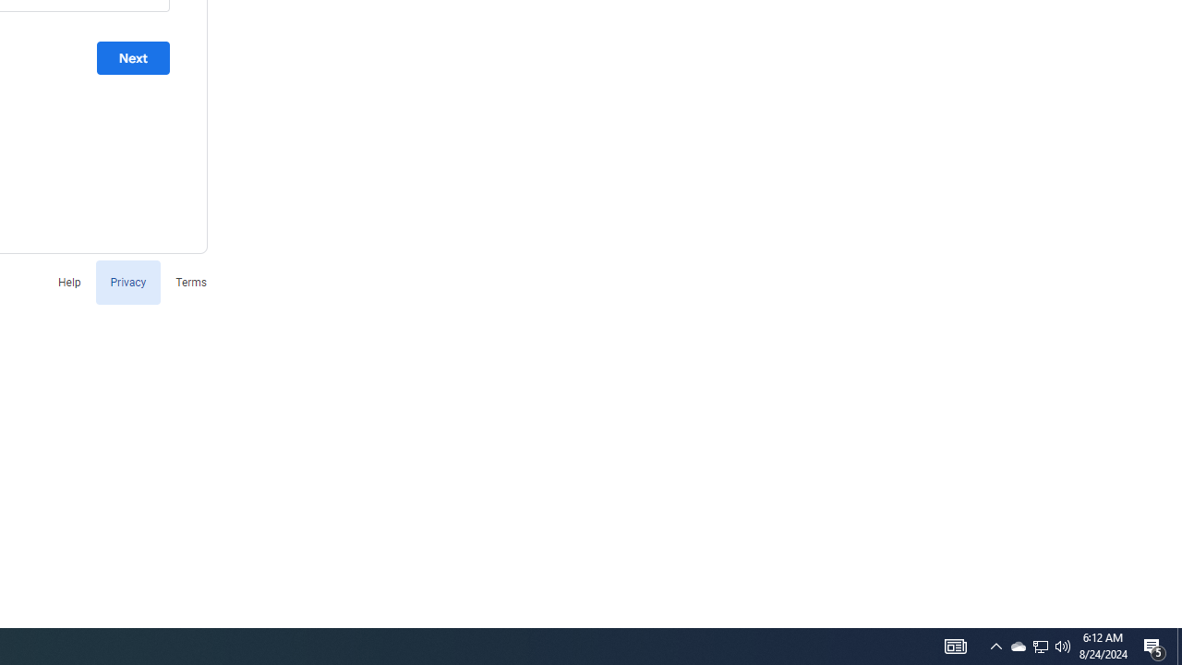 The width and height of the screenshot is (1182, 665). I want to click on 'Help', so click(68, 282).